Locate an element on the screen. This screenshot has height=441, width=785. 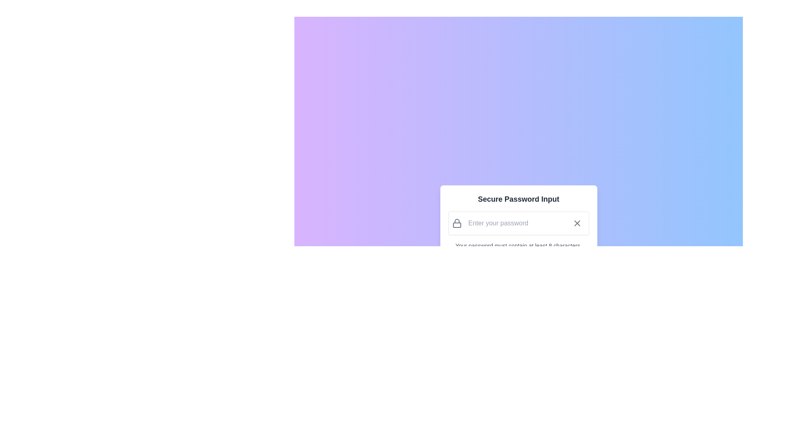
the password input field with a rounded border and lock icon located in the 'Secure Password Input' dialog box to focus the input field is located at coordinates (518, 223).